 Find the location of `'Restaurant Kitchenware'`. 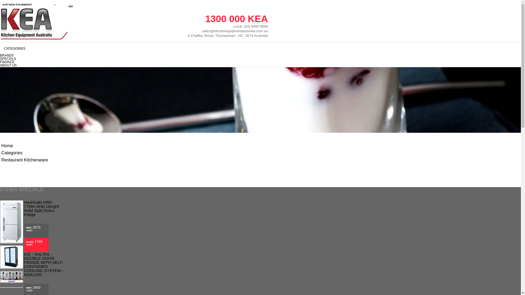

'Restaurant Kitchenware' is located at coordinates (1, 160).